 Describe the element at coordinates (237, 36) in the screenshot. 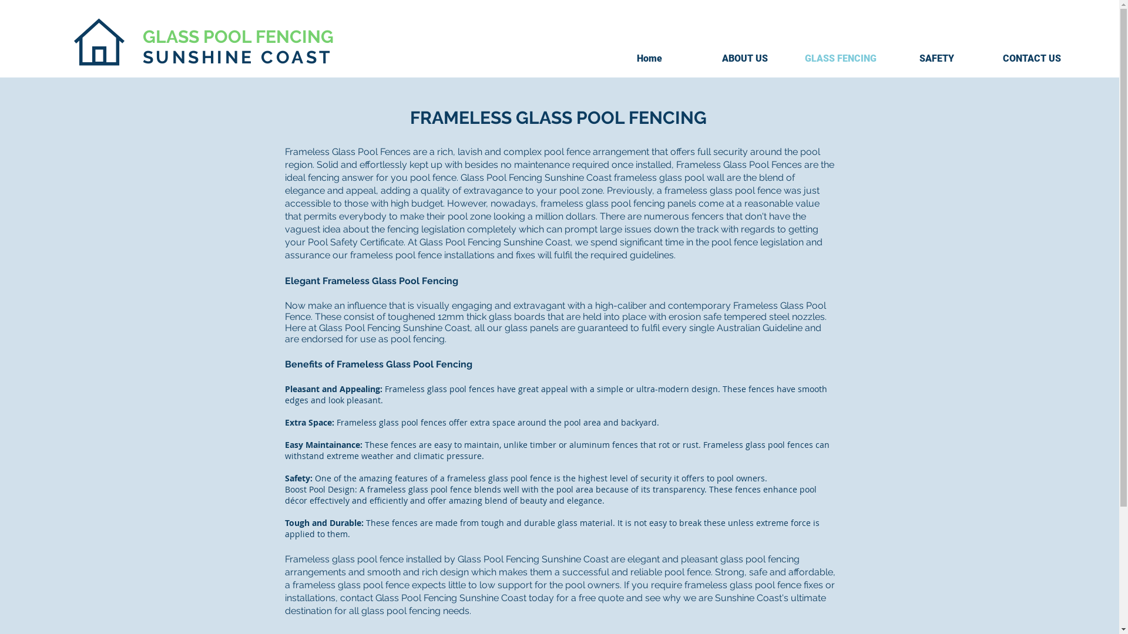

I see `'GLASS POOL FENCING'` at that location.